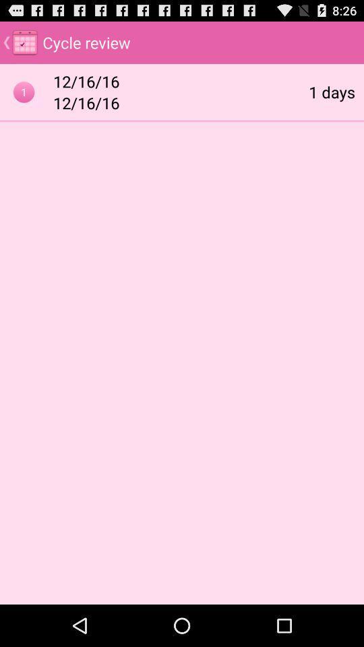  Describe the element at coordinates (331, 91) in the screenshot. I see `app to the right of the 12/16/16 app` at that location.